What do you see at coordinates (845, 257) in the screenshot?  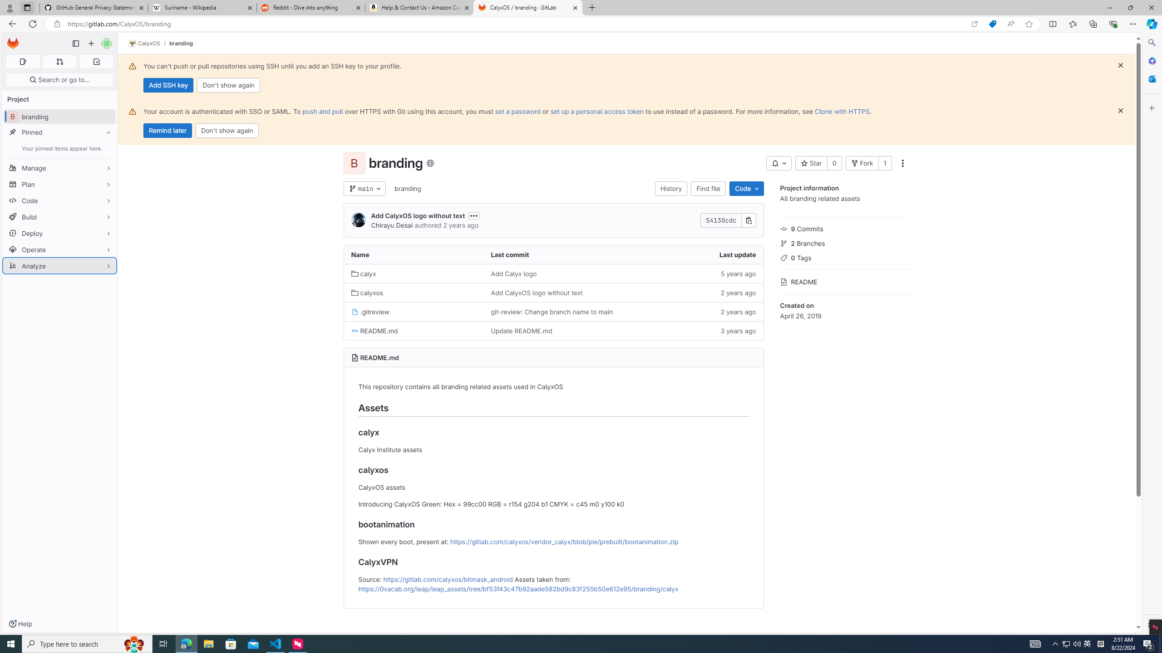 I see `'0 Tags'` at bounding box center [845, 257].